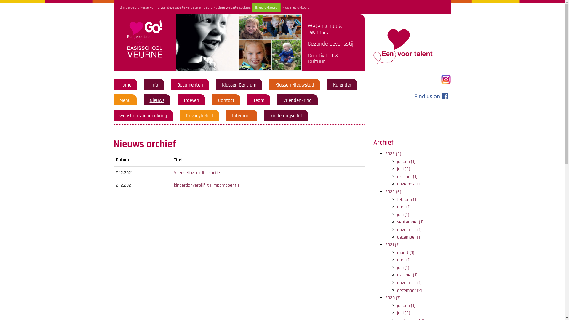  I want to click on 'Klassen Centrum', so click(239, 85).